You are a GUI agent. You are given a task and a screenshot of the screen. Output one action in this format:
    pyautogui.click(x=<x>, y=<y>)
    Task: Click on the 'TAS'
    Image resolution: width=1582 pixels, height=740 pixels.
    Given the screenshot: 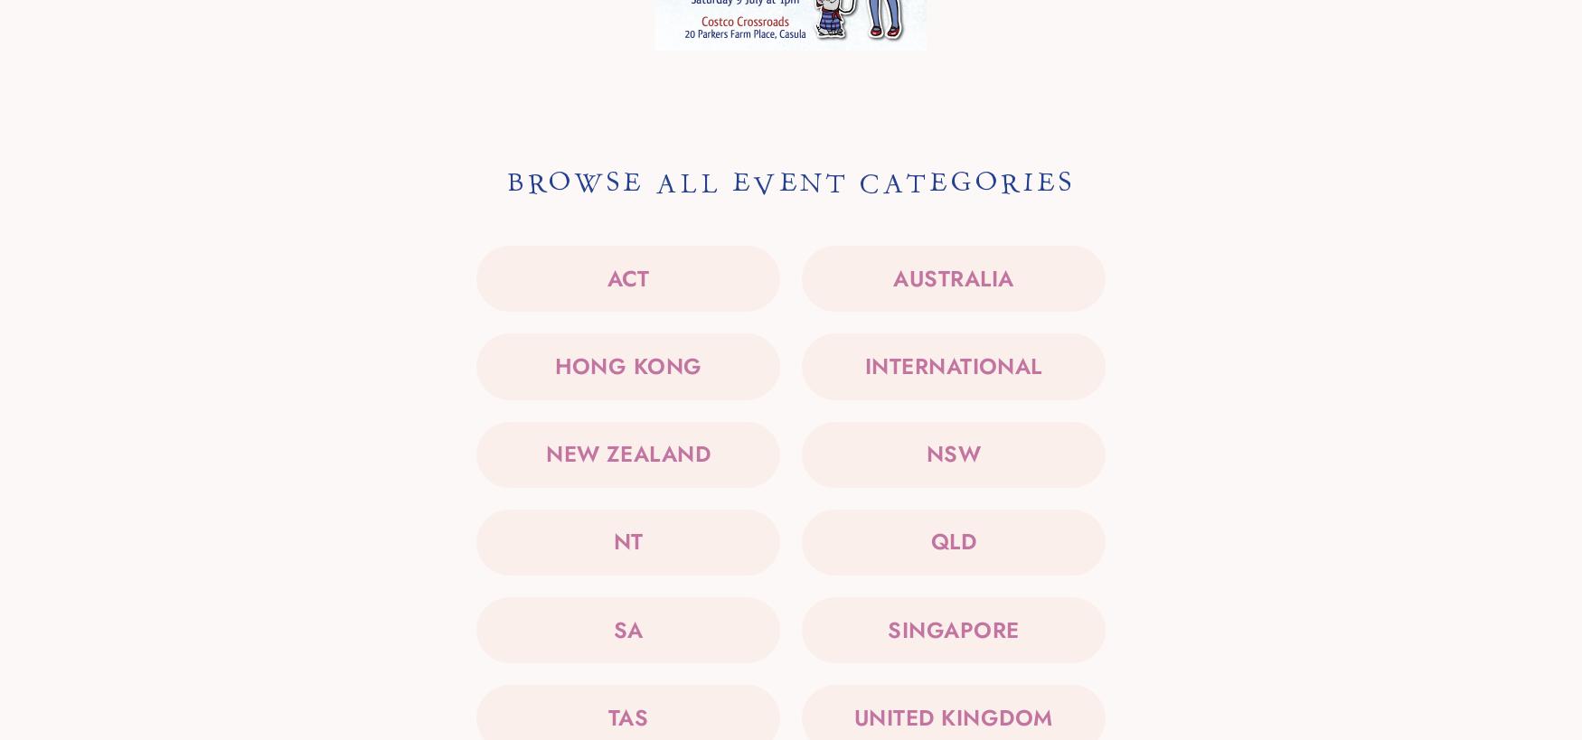 What is the action you would take?
    pyautogui.click(x=627, y=717)
    